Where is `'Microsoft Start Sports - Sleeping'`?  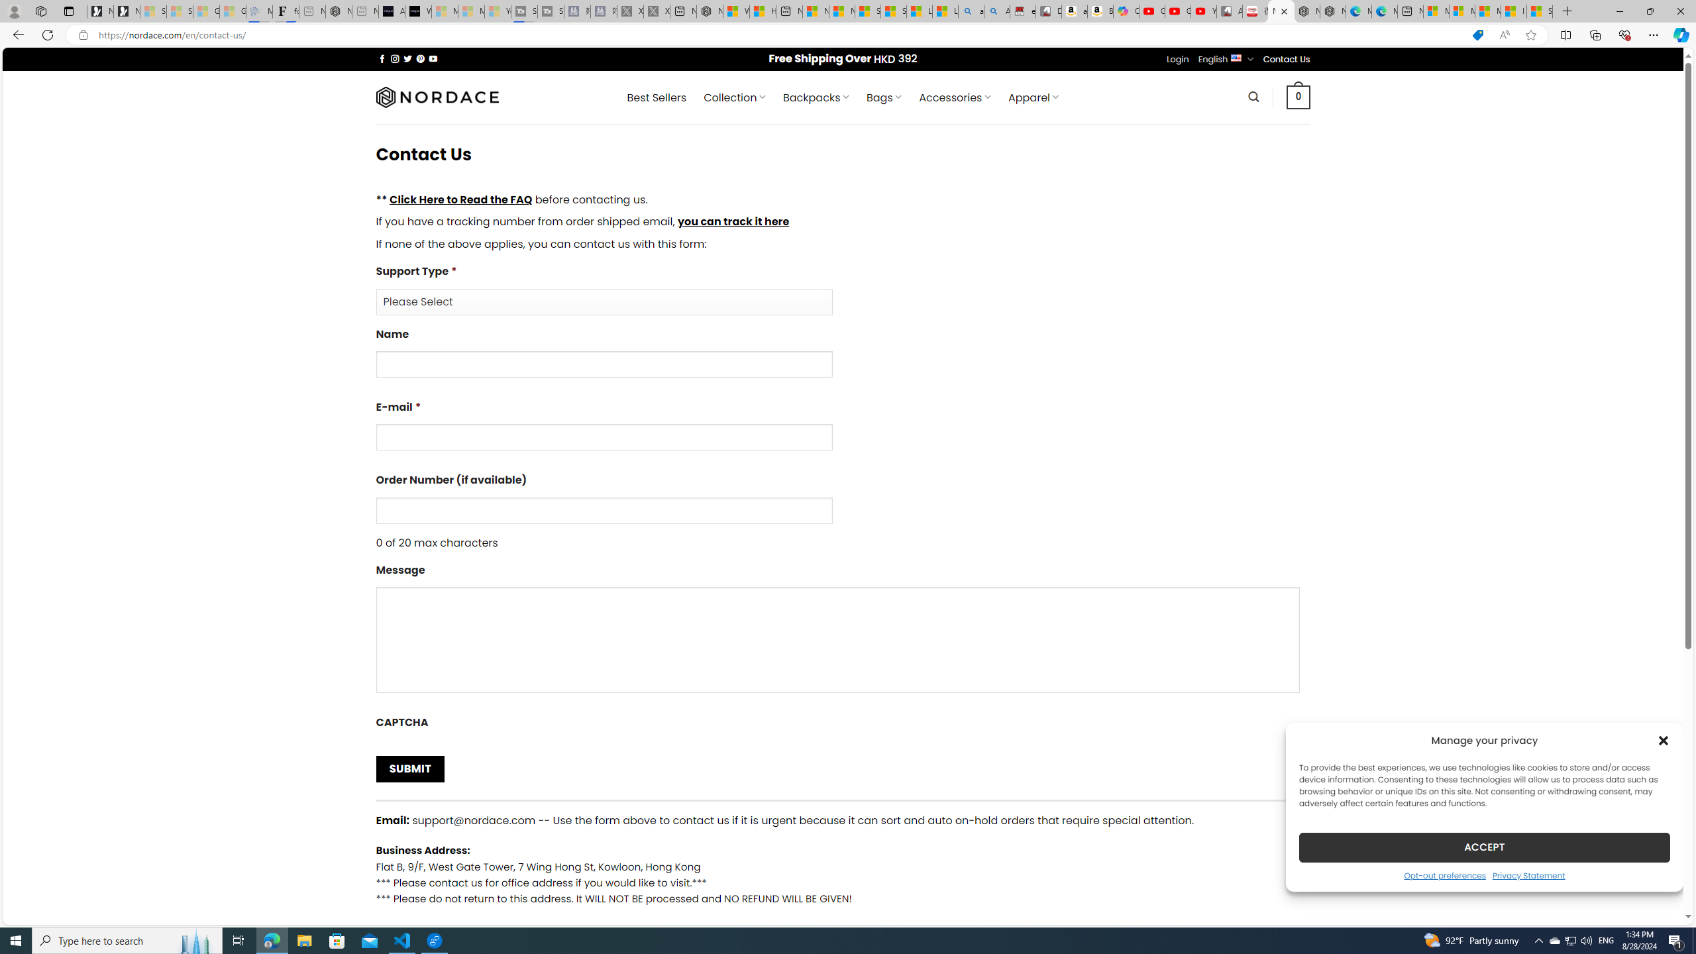
'Microsoft Start Sports - Sleeping' is located at coordinates (443, 11).